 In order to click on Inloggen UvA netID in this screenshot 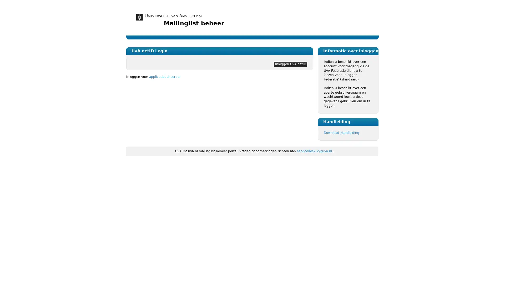, I will do `click(290, 64)`.